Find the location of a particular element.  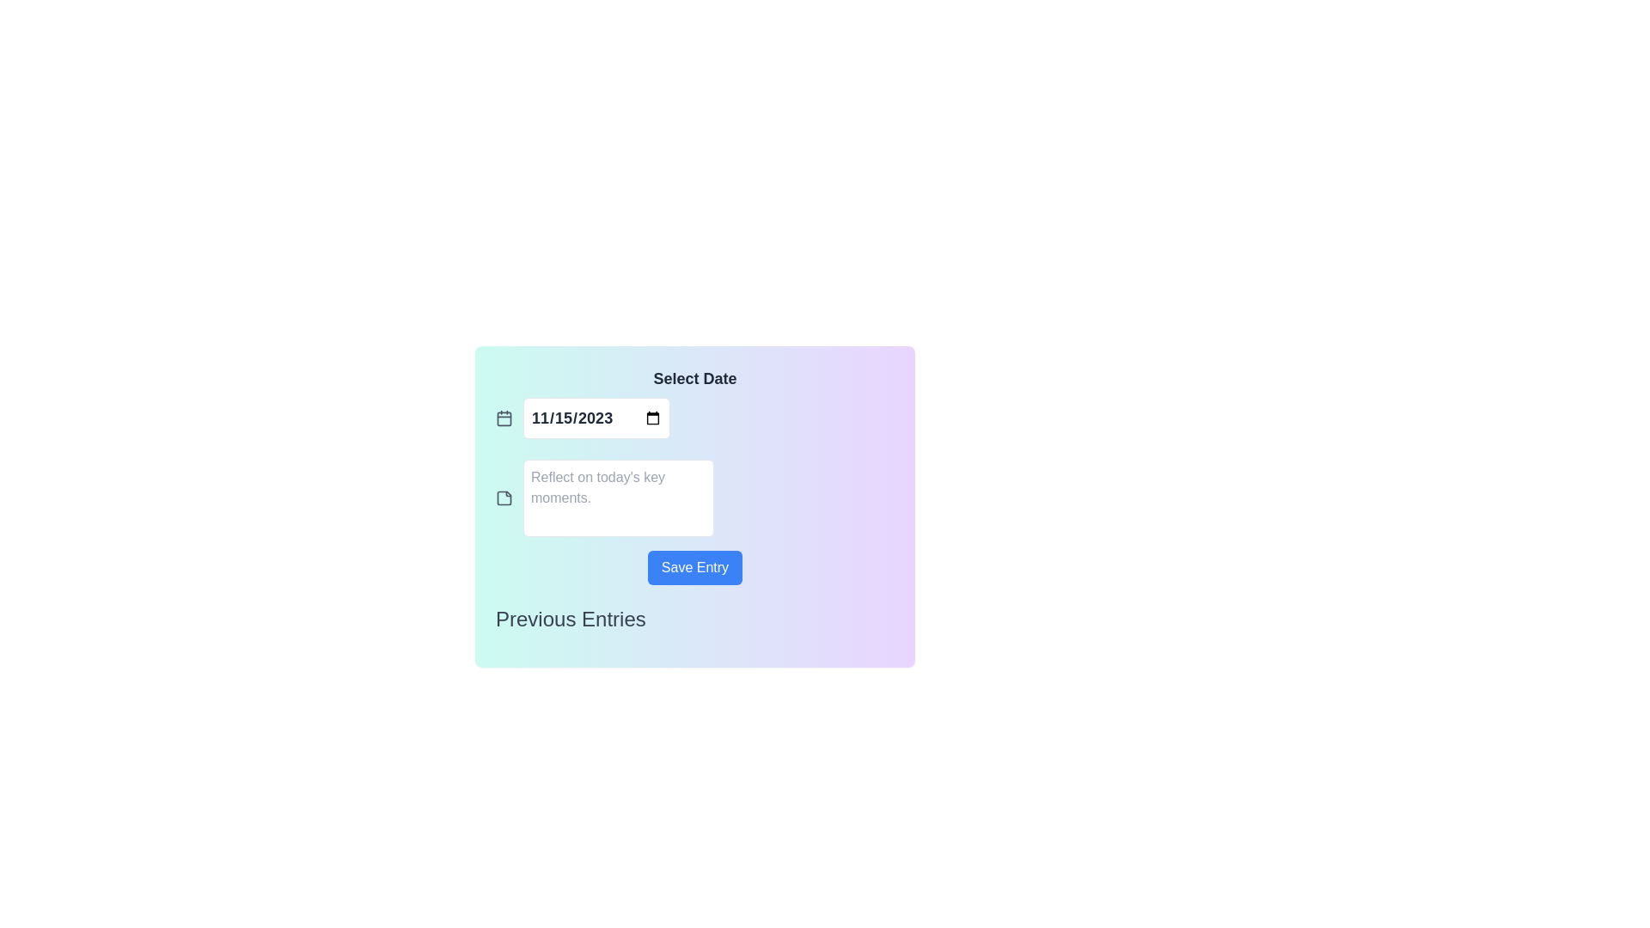

the Input (Date) element positioned to the right of a calendar icon is located at coordinates (596, 418).